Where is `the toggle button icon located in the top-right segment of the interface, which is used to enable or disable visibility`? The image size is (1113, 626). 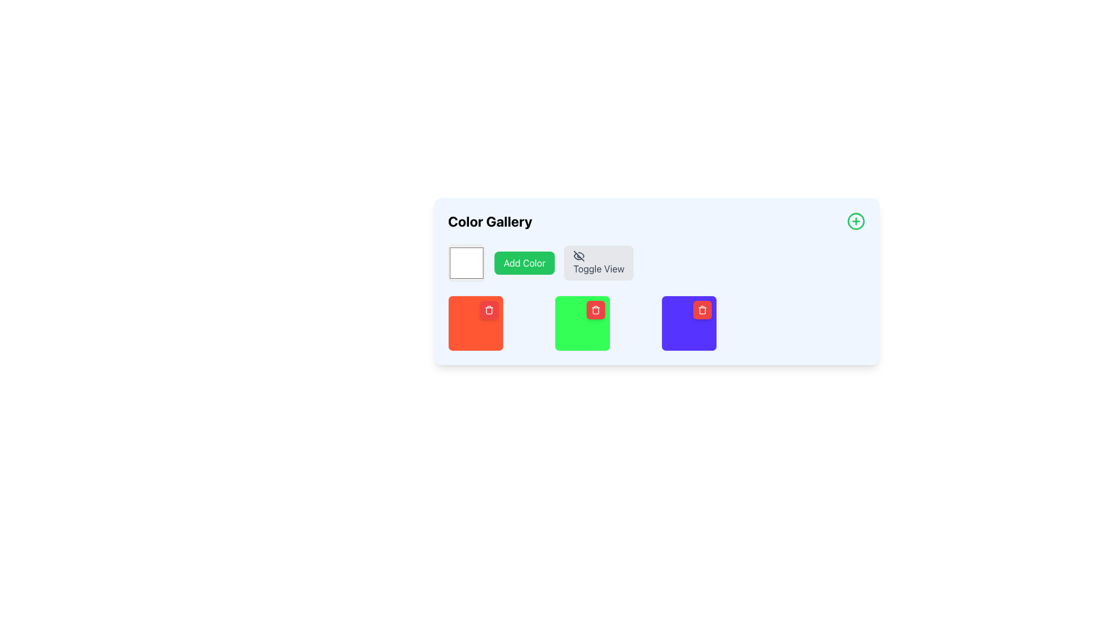 the toggle button icon located in the top-right segment of the interface, which is used to enable or disable visibility is located at coordinates (579, 256).